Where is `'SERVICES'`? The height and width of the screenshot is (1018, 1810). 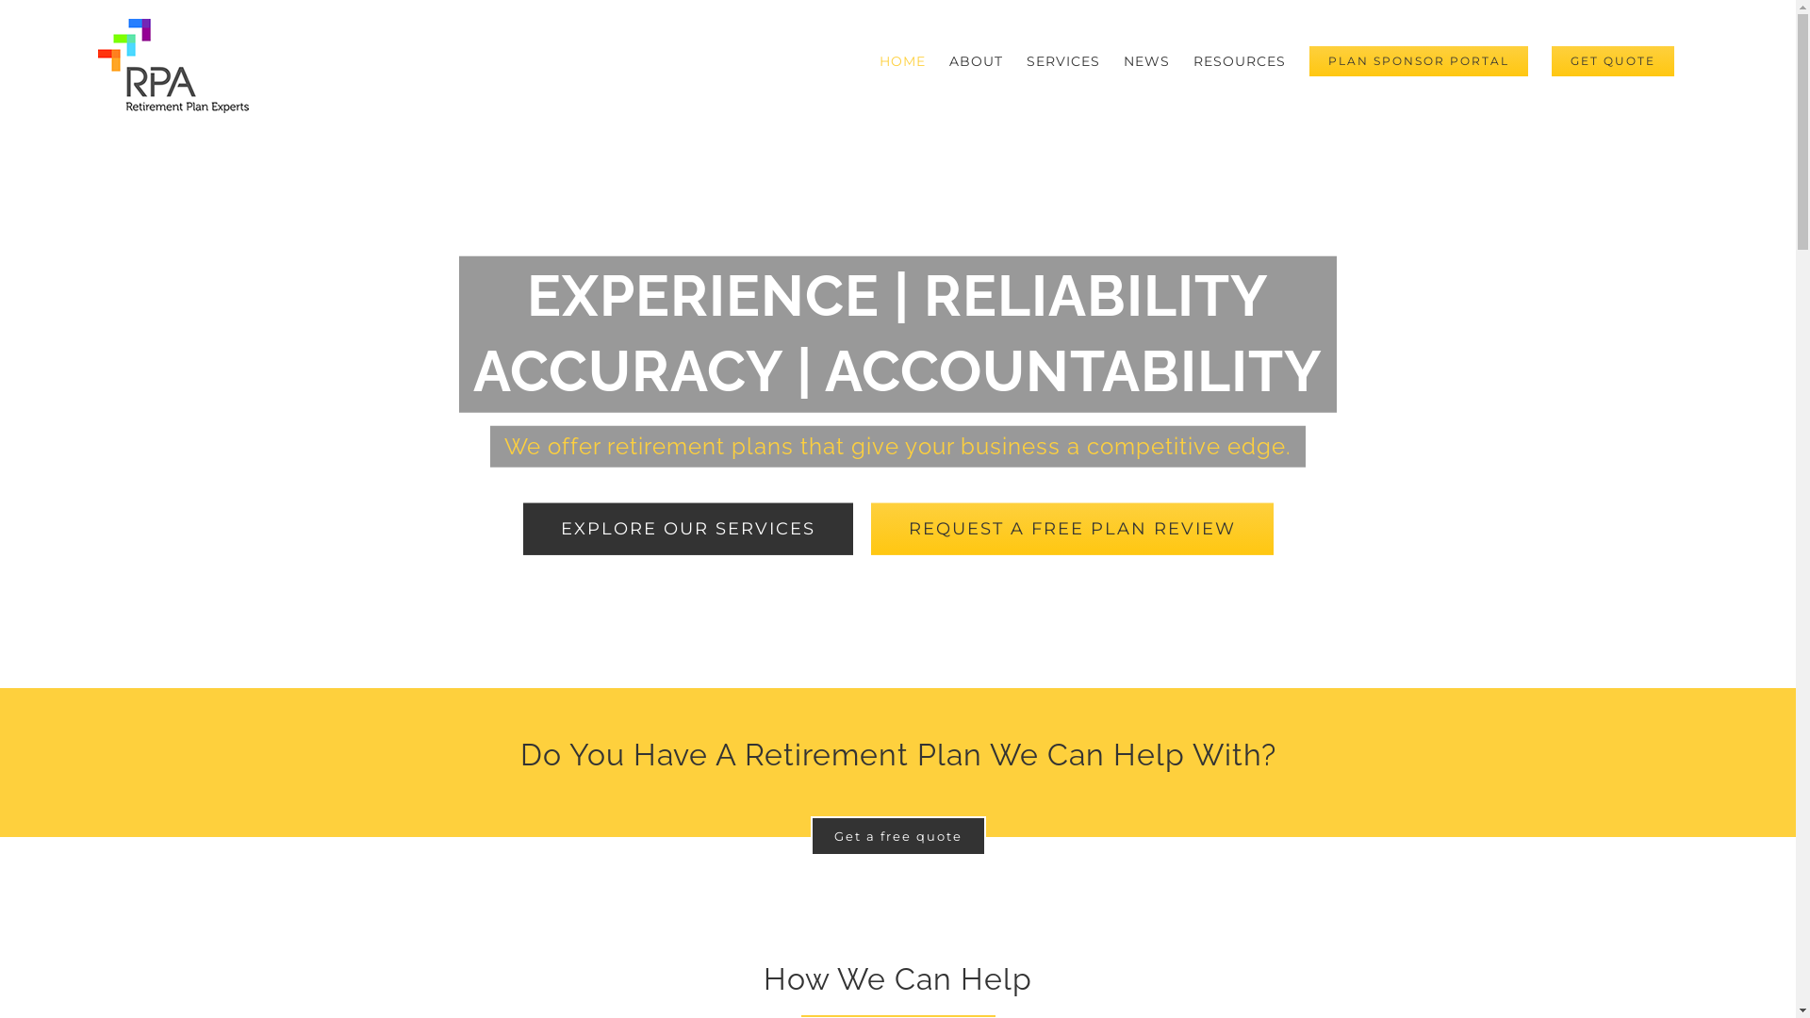
'SERVICES' is located at coordinates (1026, 60).